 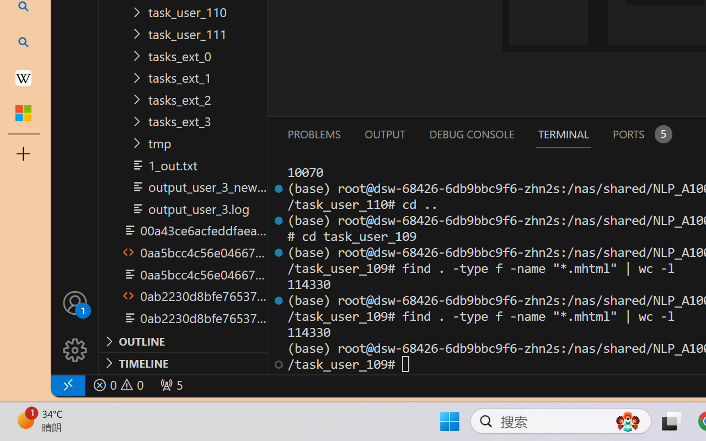 I want to click on 'Output (Ctrl+Shift+U)', so click(x=384, y=133).